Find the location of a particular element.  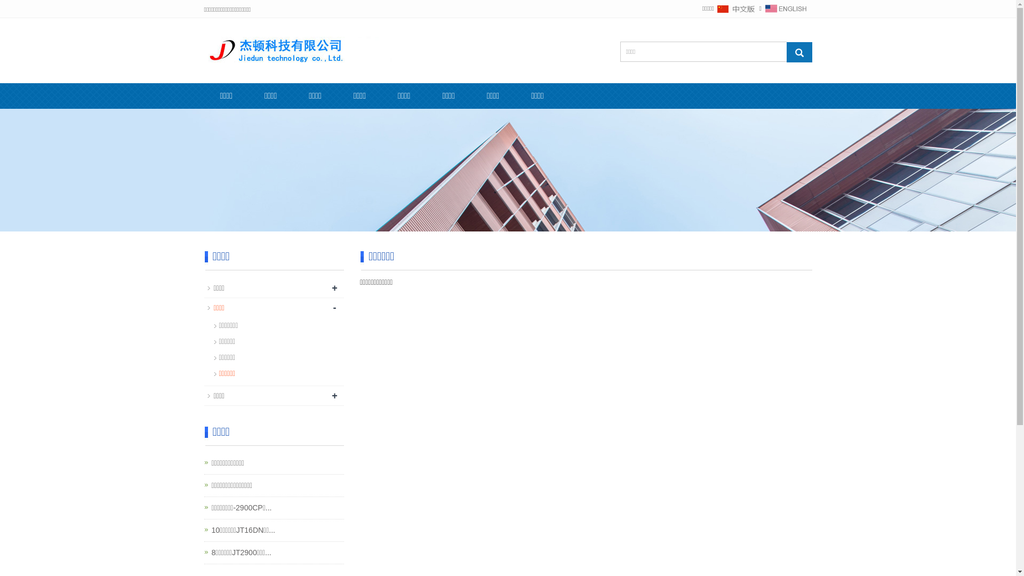

'English' is located at coordinates (786, 8).